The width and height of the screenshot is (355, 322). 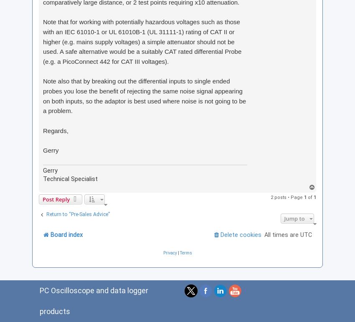 I want to click on 'Jump to', so click(x=284, y=218).